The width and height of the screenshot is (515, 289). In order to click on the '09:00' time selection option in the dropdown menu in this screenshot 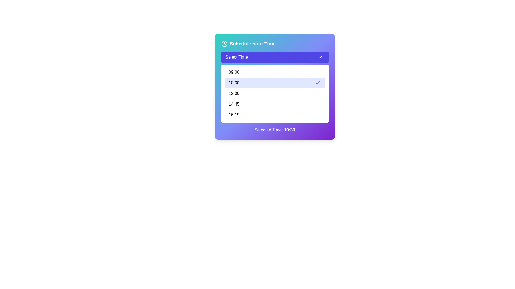, I will do `click(234, 72)`.